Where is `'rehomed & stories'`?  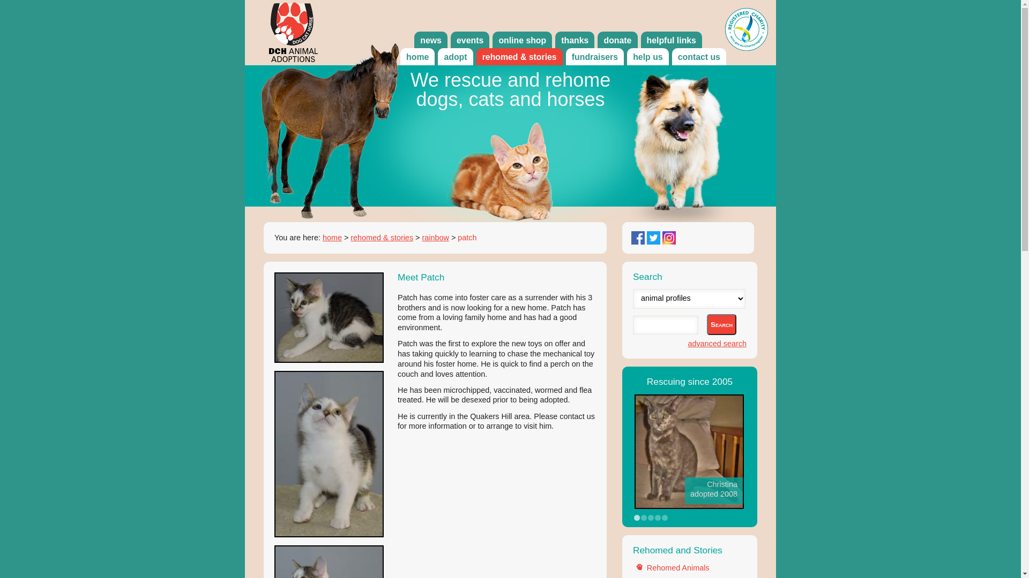
'rehomed & stories' is located at coordinates (350, 237).